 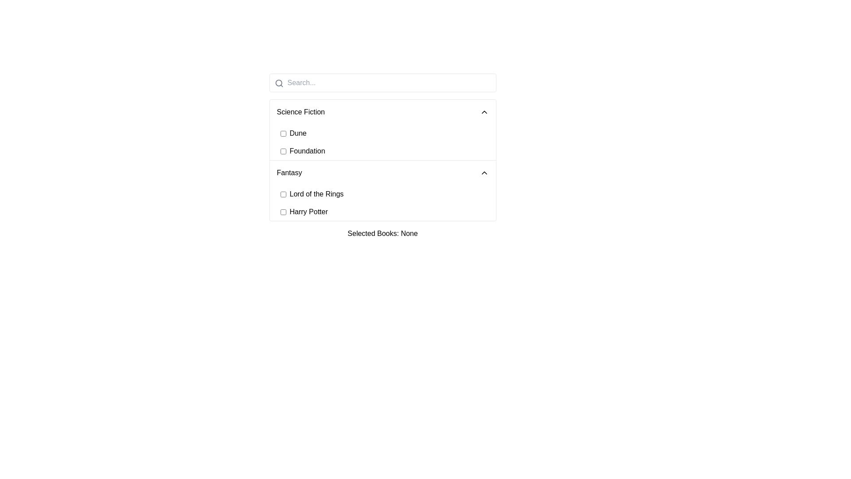 What do you see at coordinates (301, 112) in the screenshot?
I see `the 'Science Fiction' static text element, which is a bold text string located at the top of the dropdown component` at bounding box center [301, 112].